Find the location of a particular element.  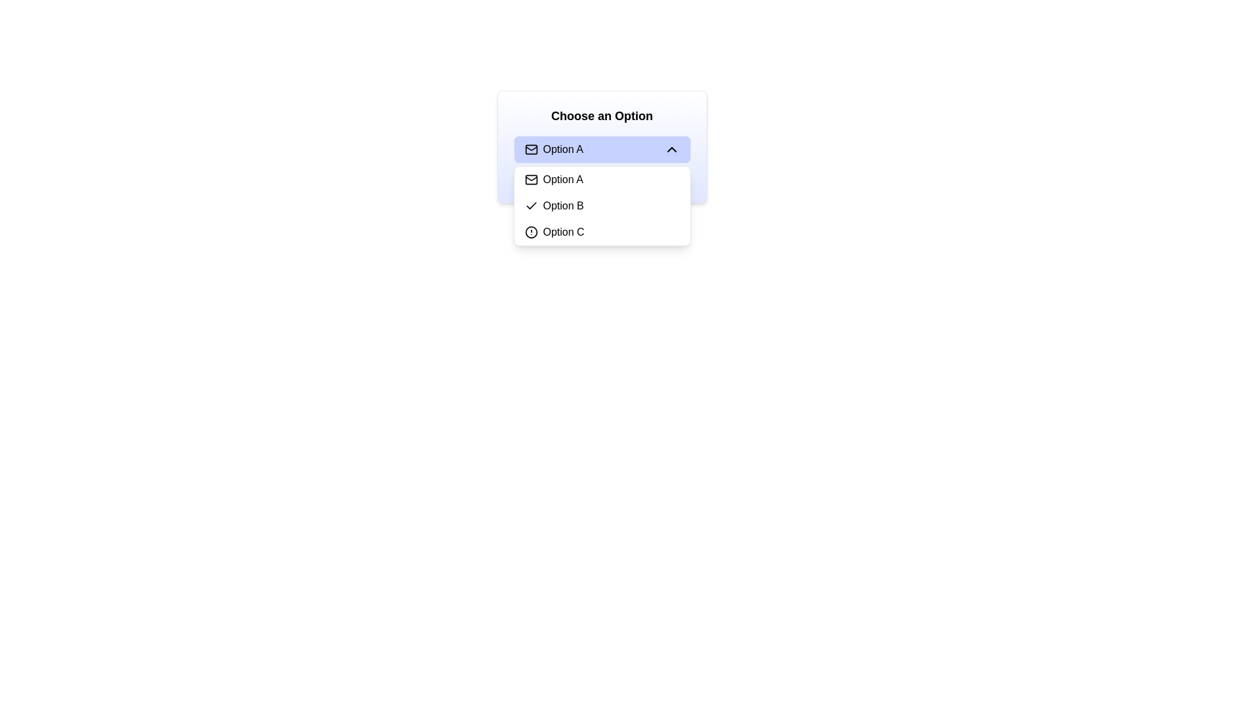

the circular warning icon located to the left of the 'Option C' label, which has a hollow center and a small vertical bar and dot in the middle is located at coordinates (531, 232).